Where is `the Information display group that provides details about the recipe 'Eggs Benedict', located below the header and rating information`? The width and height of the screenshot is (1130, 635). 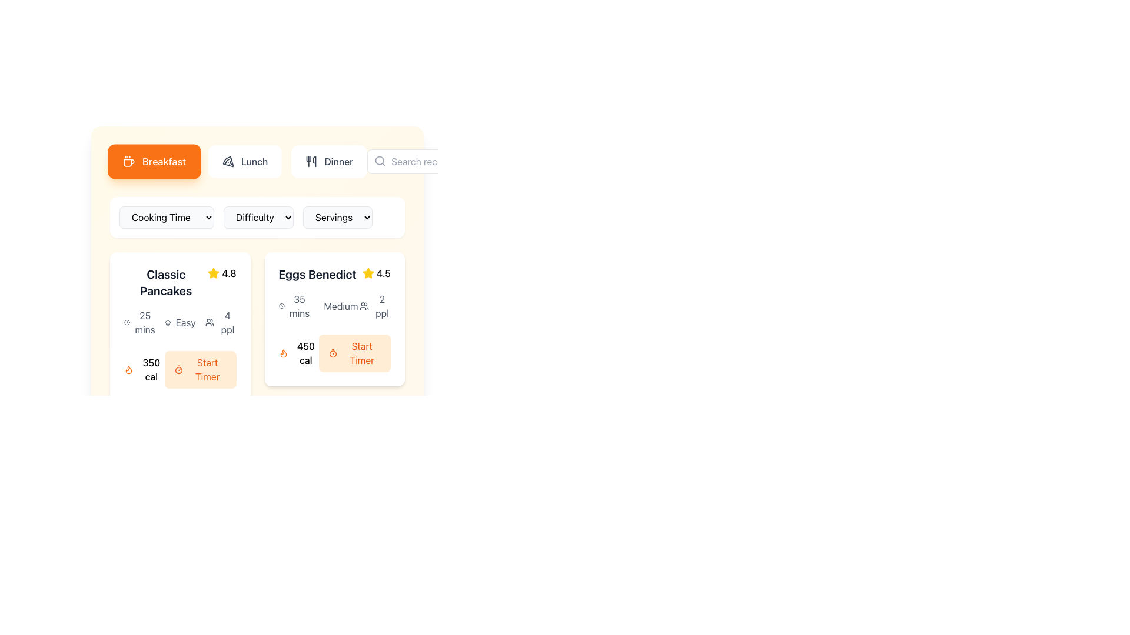 the Information display group that provides details about the recipe 'Eggs Benedict', located below the header and rating information is located at coordinates (334, 305).